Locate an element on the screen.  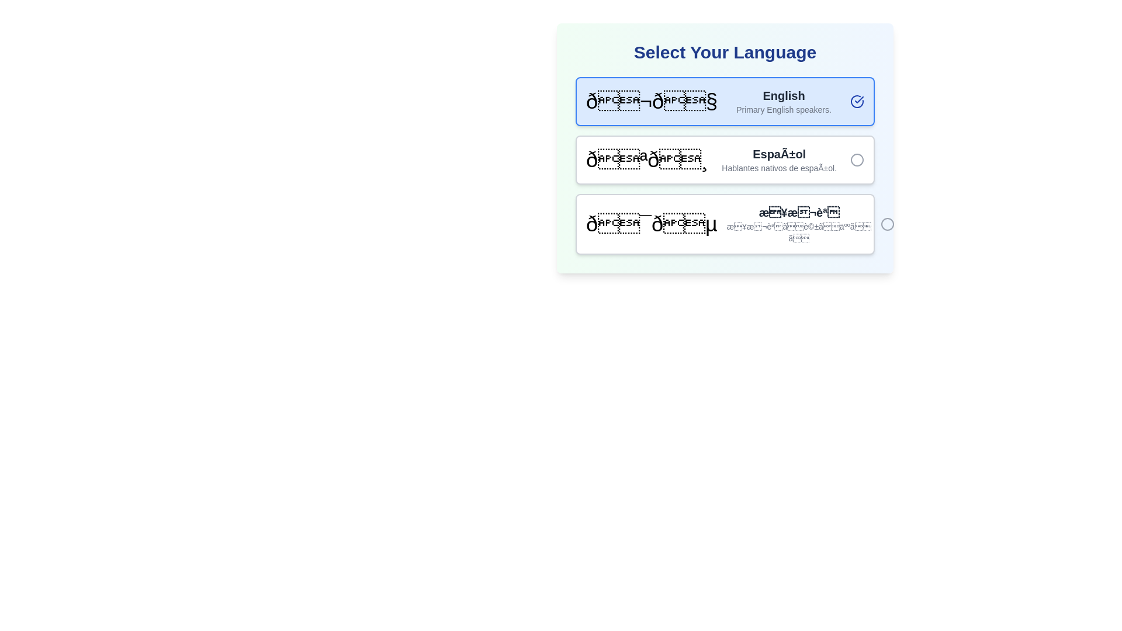
the text label that reads 'Primary English speakers.' which is styled in gray and located beneath the 'English' title in the language selection card is located at coordinates (784, 110).